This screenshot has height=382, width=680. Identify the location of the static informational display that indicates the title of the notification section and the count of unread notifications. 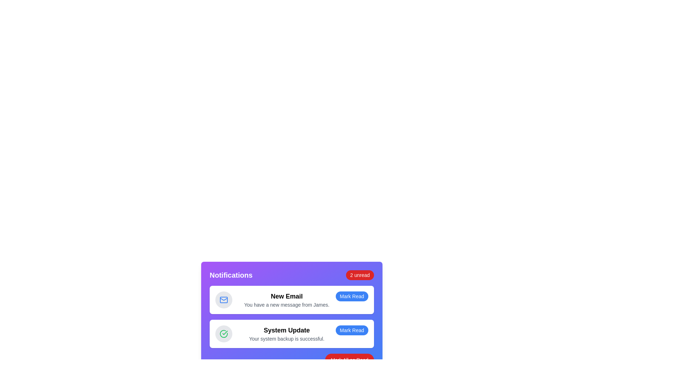
(292, 275).